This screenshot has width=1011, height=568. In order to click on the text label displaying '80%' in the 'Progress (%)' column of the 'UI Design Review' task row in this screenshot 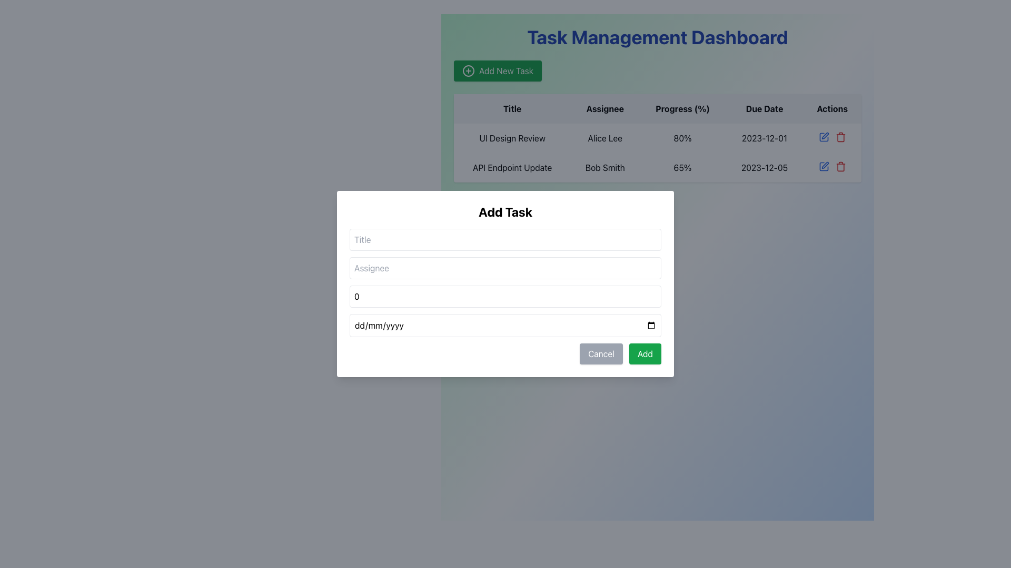, I will do `click(682, 137)`.